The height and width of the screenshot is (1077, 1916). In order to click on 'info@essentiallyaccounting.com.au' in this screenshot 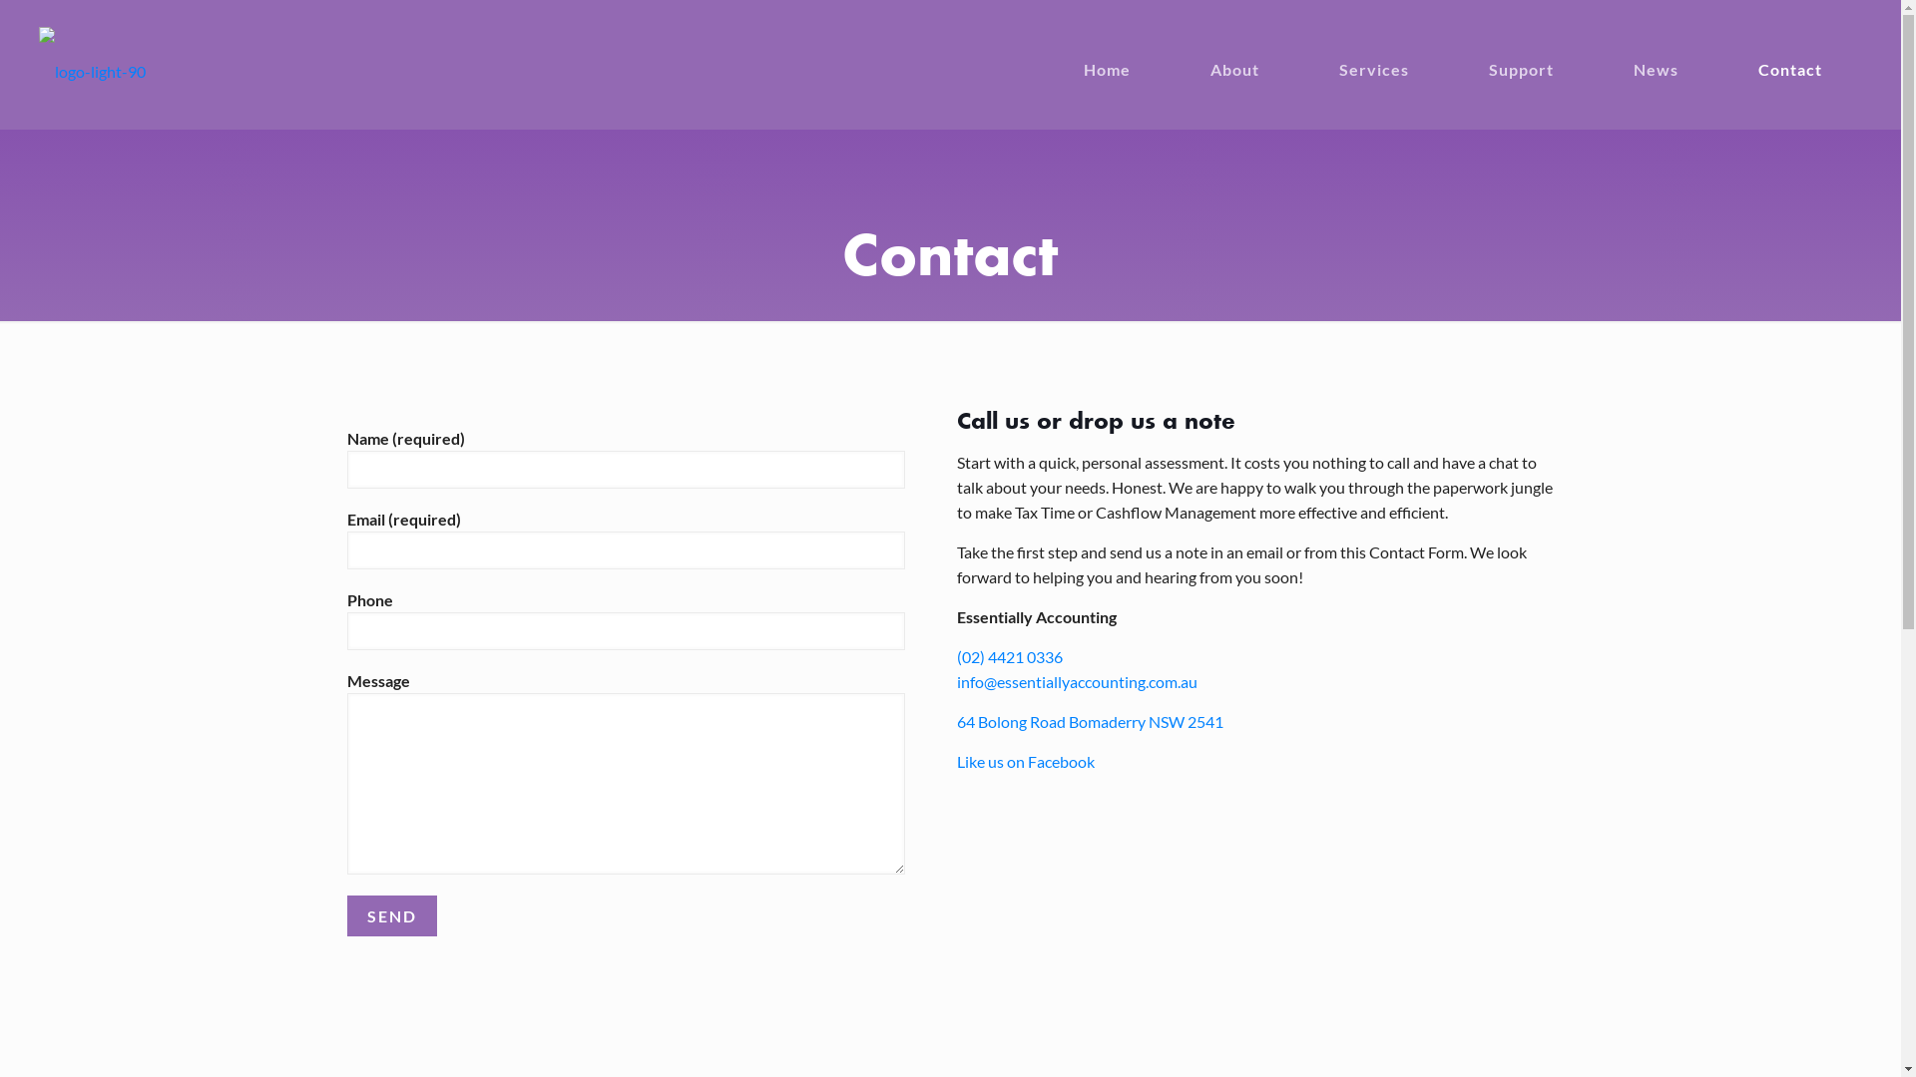, I will do `click(1076, 680)`.